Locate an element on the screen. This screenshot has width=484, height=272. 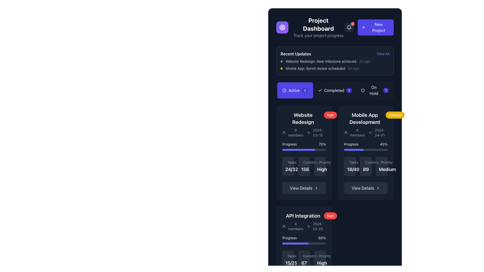
the Text label that provides context to the numerical value of '89' in the project card for 'Mobile App Development' is located at coordinates (366, 162).